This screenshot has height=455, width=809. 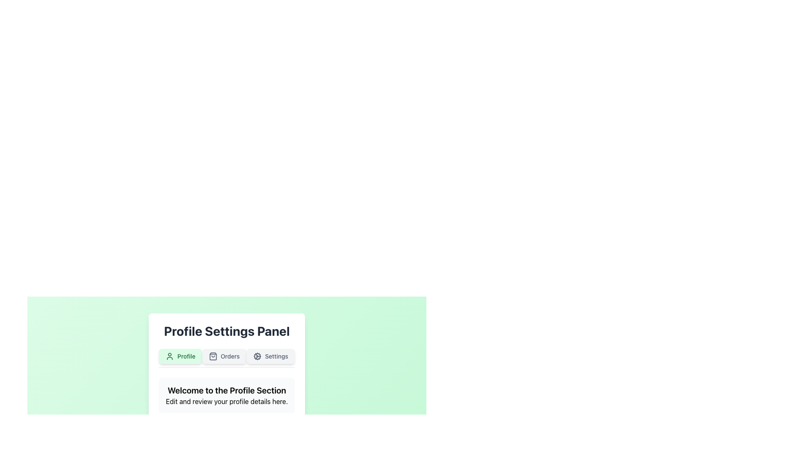 I want to click on the 'Settings' icon, which is the last button in the 'Profile Settings Panel' row, so click(x=257, y=356).